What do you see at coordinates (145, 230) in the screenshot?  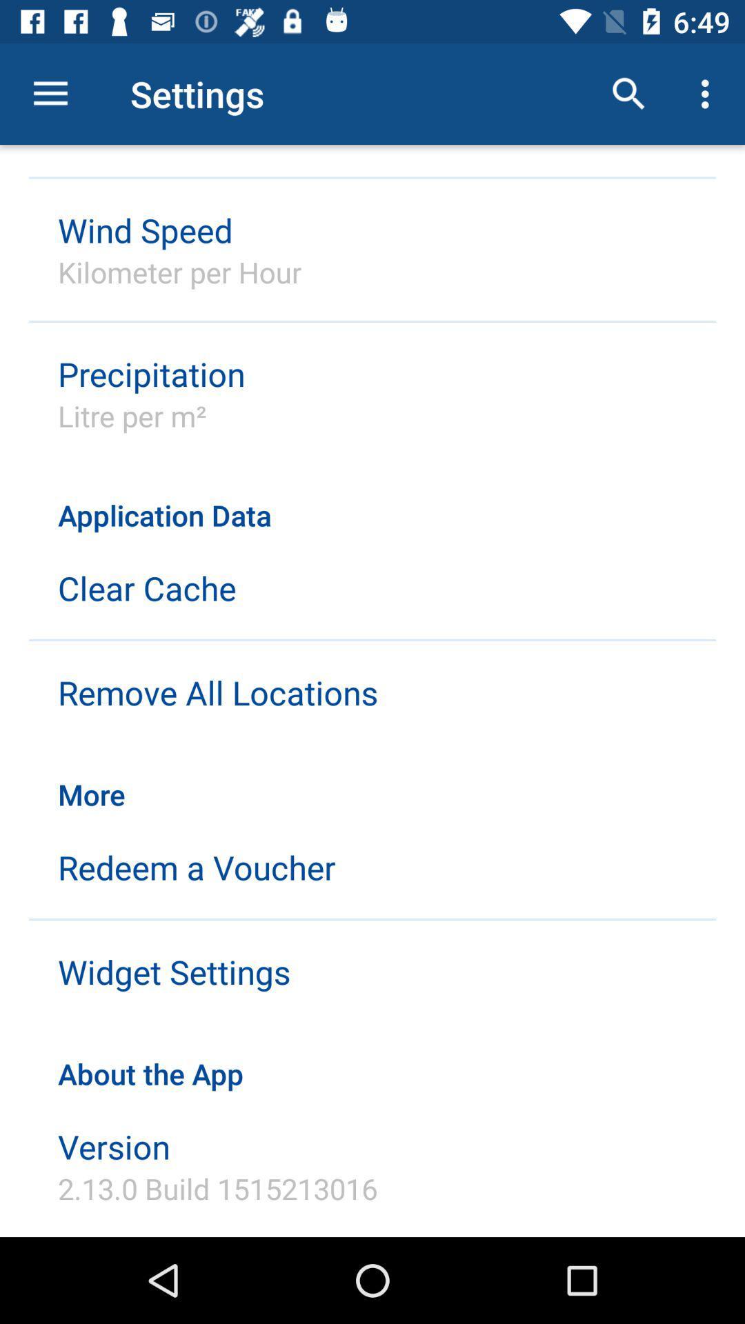 I see `item above the kilometer per hour` at bounding box center [145, 230].